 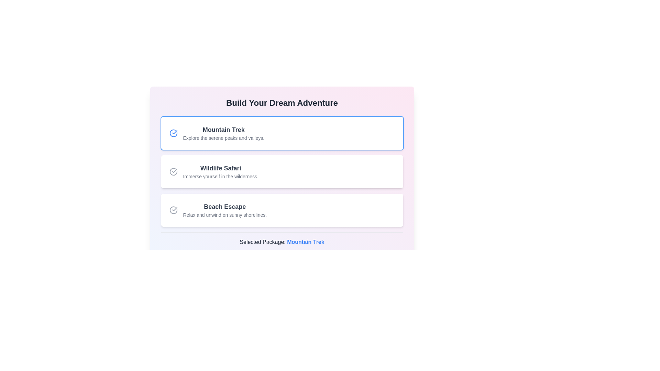 What do you see at coordinates (282, 103) in the screenshot?
I see `the text label that reads 'Build Your Dream Adventure', which is prominently displayed at the top of the section in a large and bold font` at bounding box center [282, 103].